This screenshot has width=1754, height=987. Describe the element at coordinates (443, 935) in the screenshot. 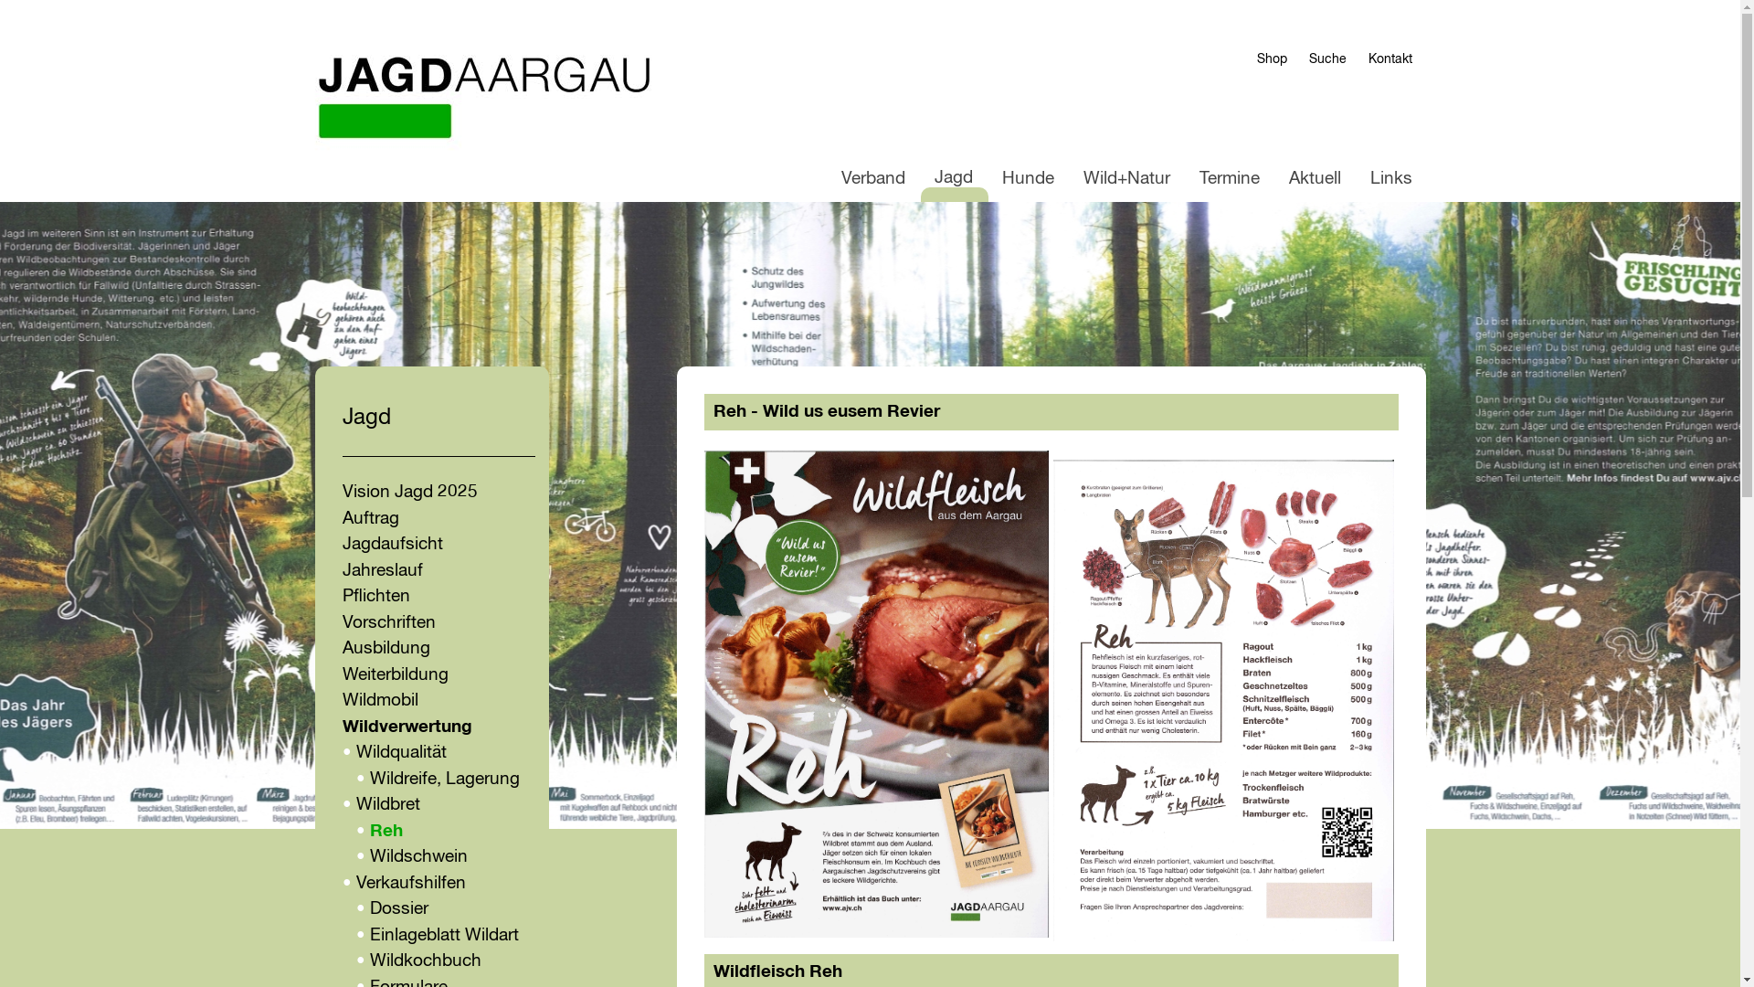

I see `'Einlageblatt Wildart'` at that location.